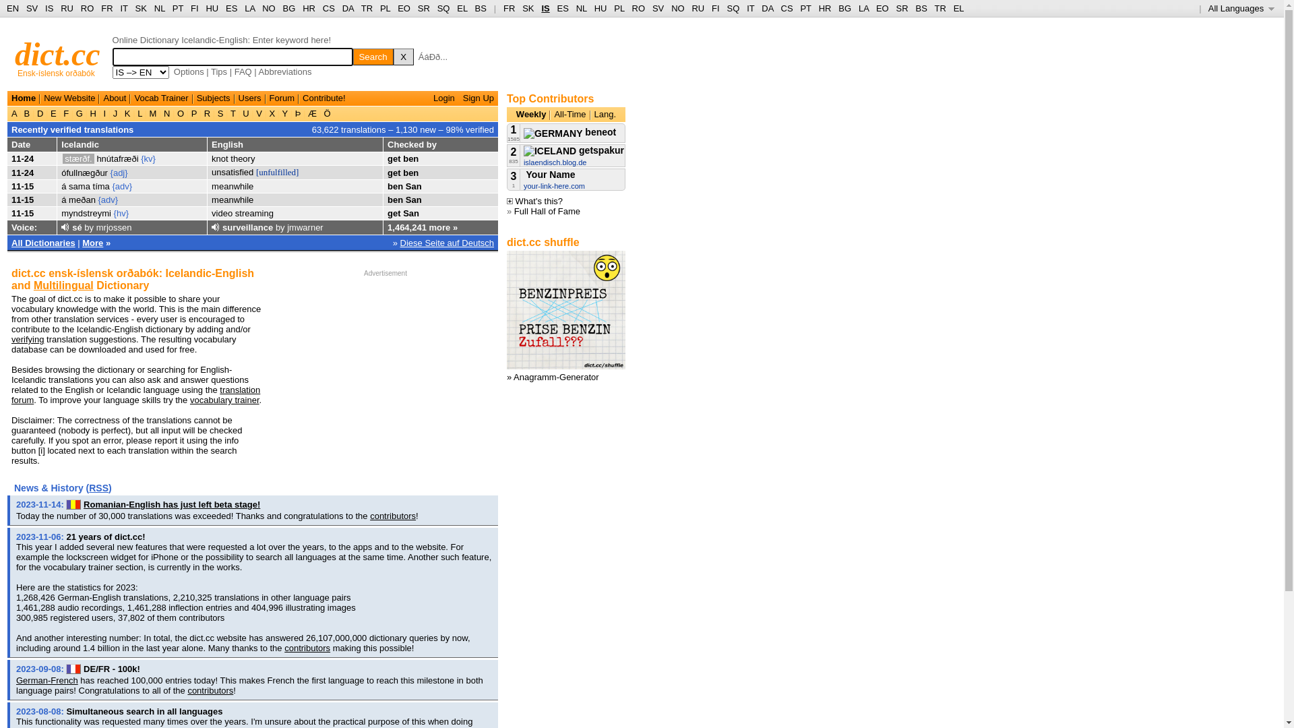 The image size is (1294, 728). I want to click on 'Weekly', so click(530, 113).